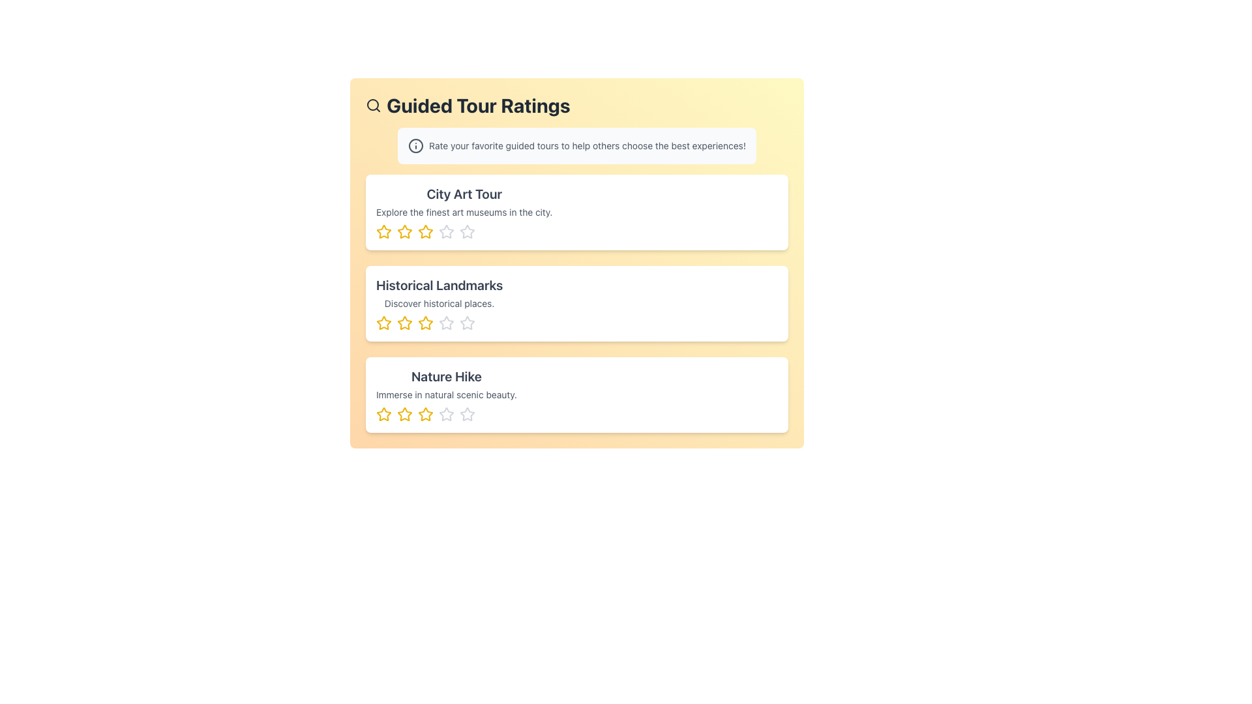  Describe the element at coordinates (415, 145) in the screenshot. I see `the circular element within the information icon located beneath the title 'Guided Tour Ratings'` at that location.